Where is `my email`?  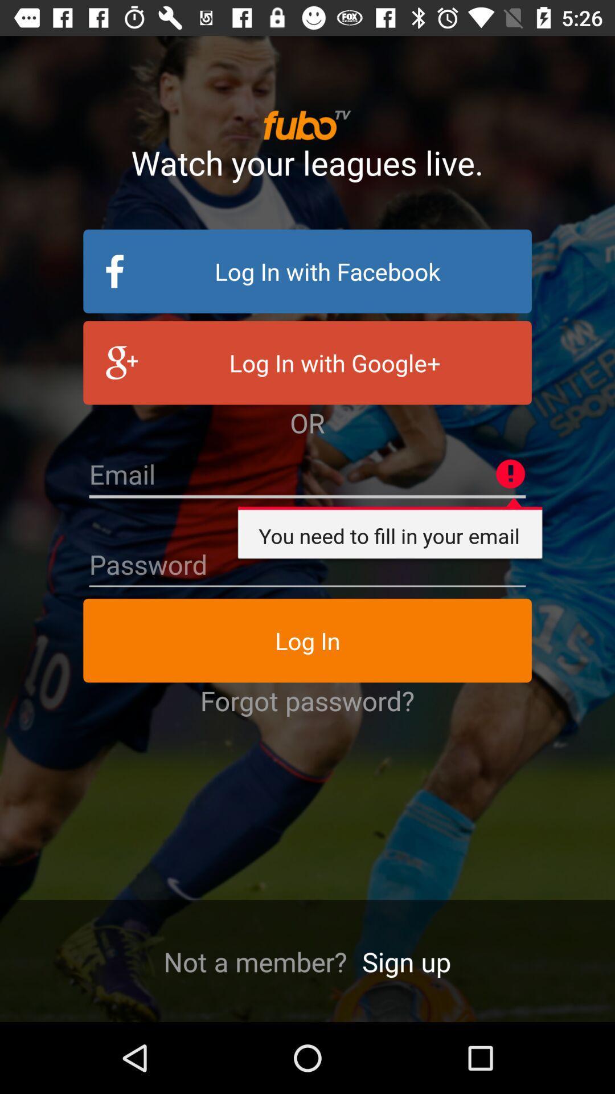
my email is located at coordinates (307, 475).